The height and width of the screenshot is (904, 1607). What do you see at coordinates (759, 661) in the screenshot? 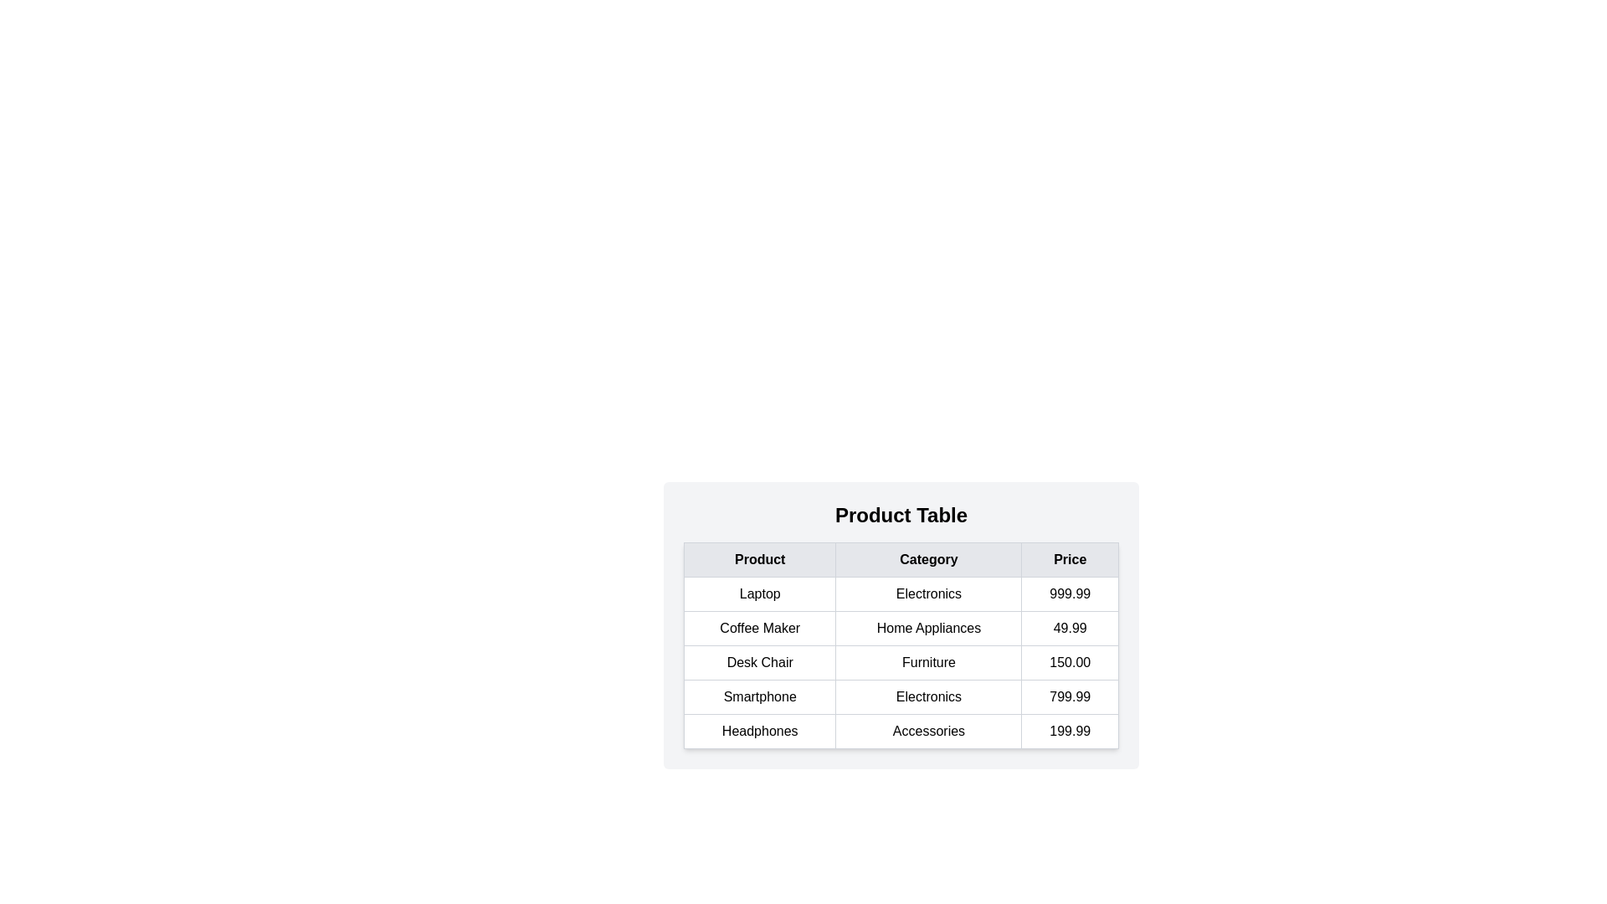
I see `the Static Text Label representing the product name 'Desk Chair' in the product table` at bounding box center [759, 661].